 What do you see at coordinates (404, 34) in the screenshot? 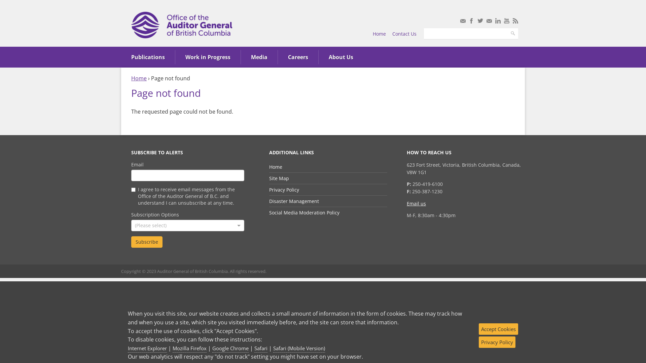
I see `'Contact Us'` at bounding box center [404, 34].